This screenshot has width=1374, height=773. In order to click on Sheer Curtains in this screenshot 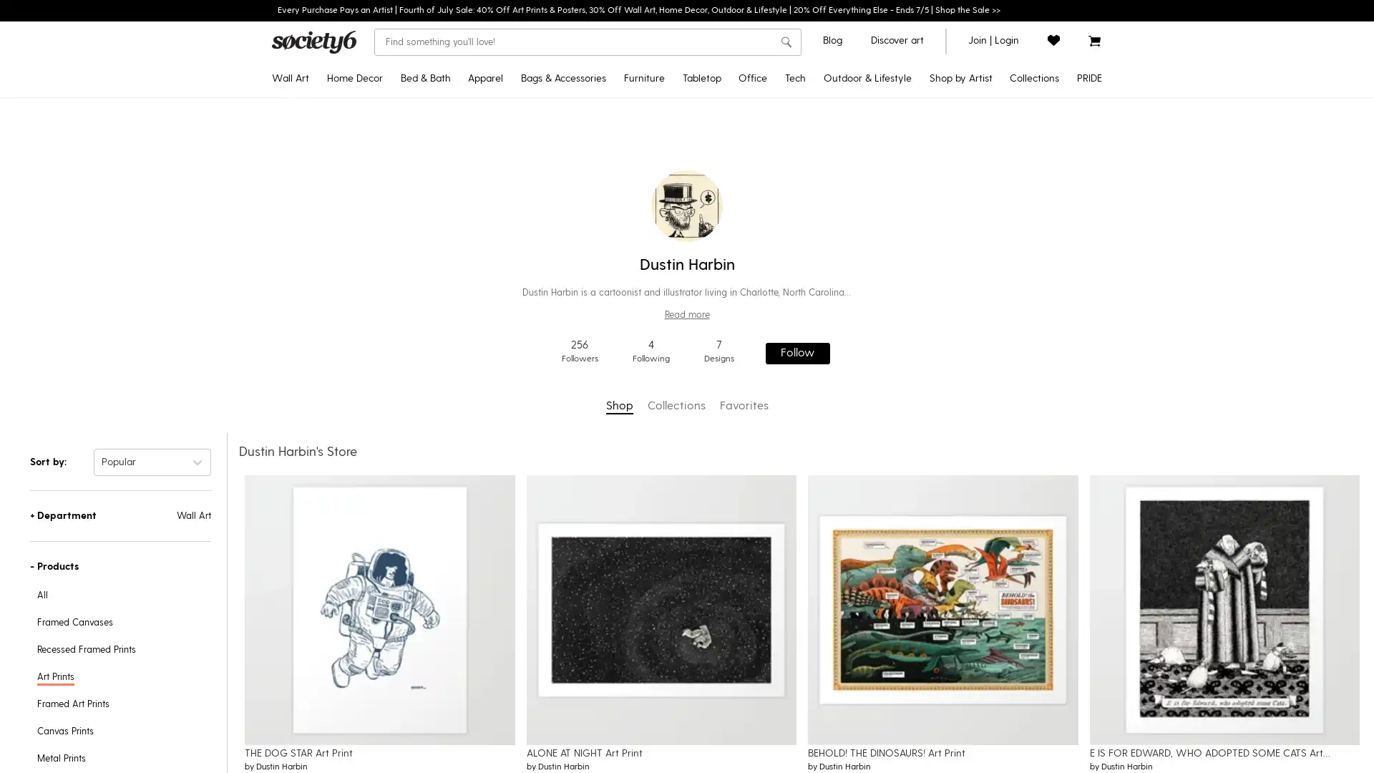, I will do `click(381, 253)`.